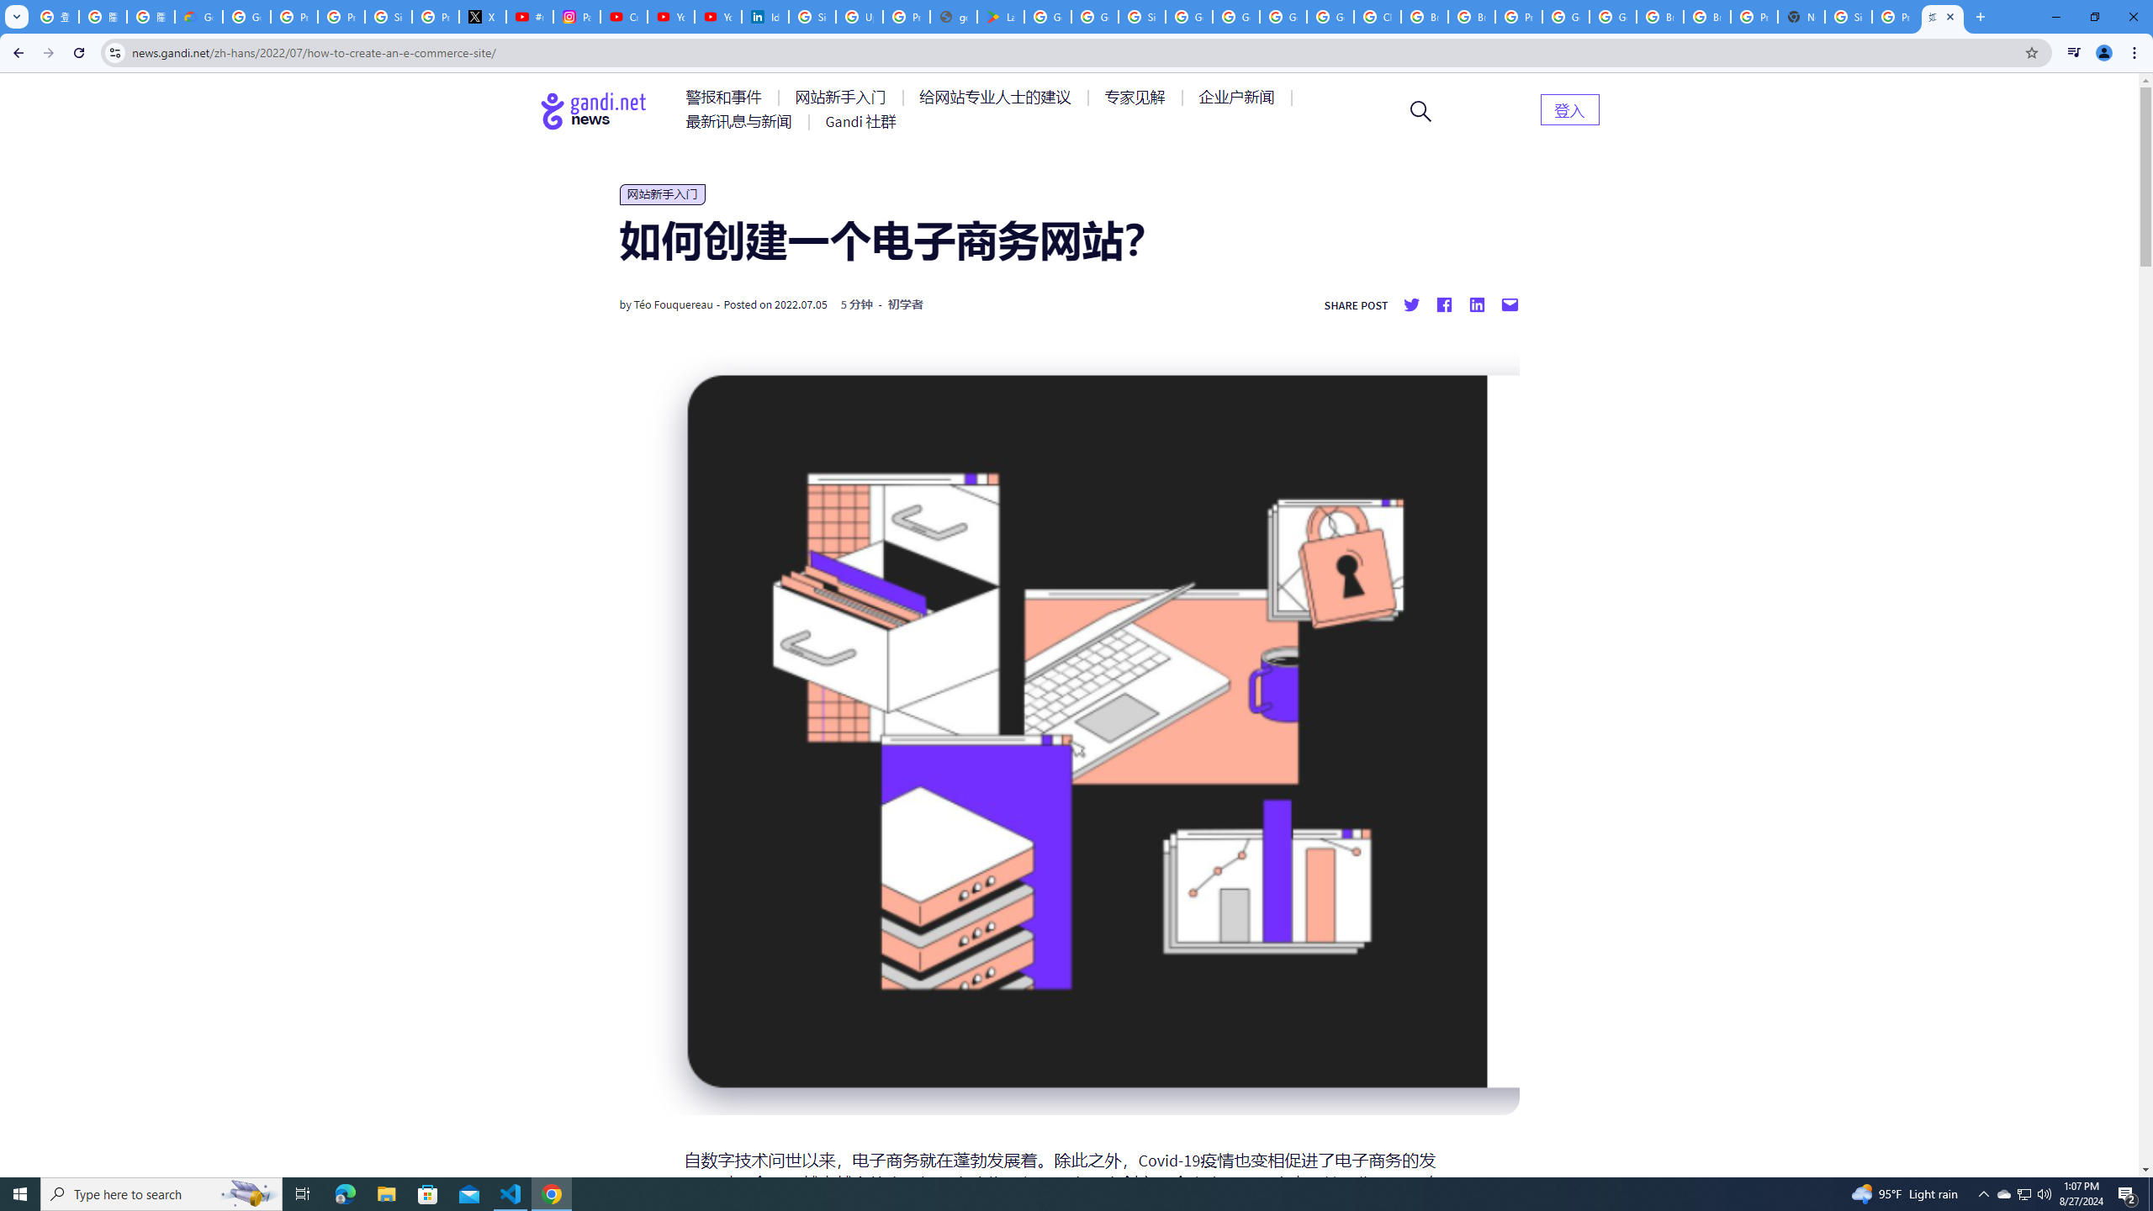 The height and width of the screenshot is (1211, 2153). I want to click on 'AutomationID: menu-item-77765', so click(1239, 96).